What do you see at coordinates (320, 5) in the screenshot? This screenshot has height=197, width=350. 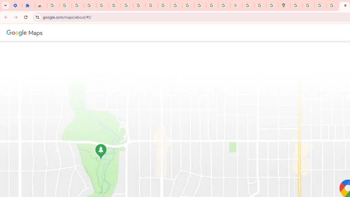 I see `'Create your Google Account'` at bounding box center [320, 5].